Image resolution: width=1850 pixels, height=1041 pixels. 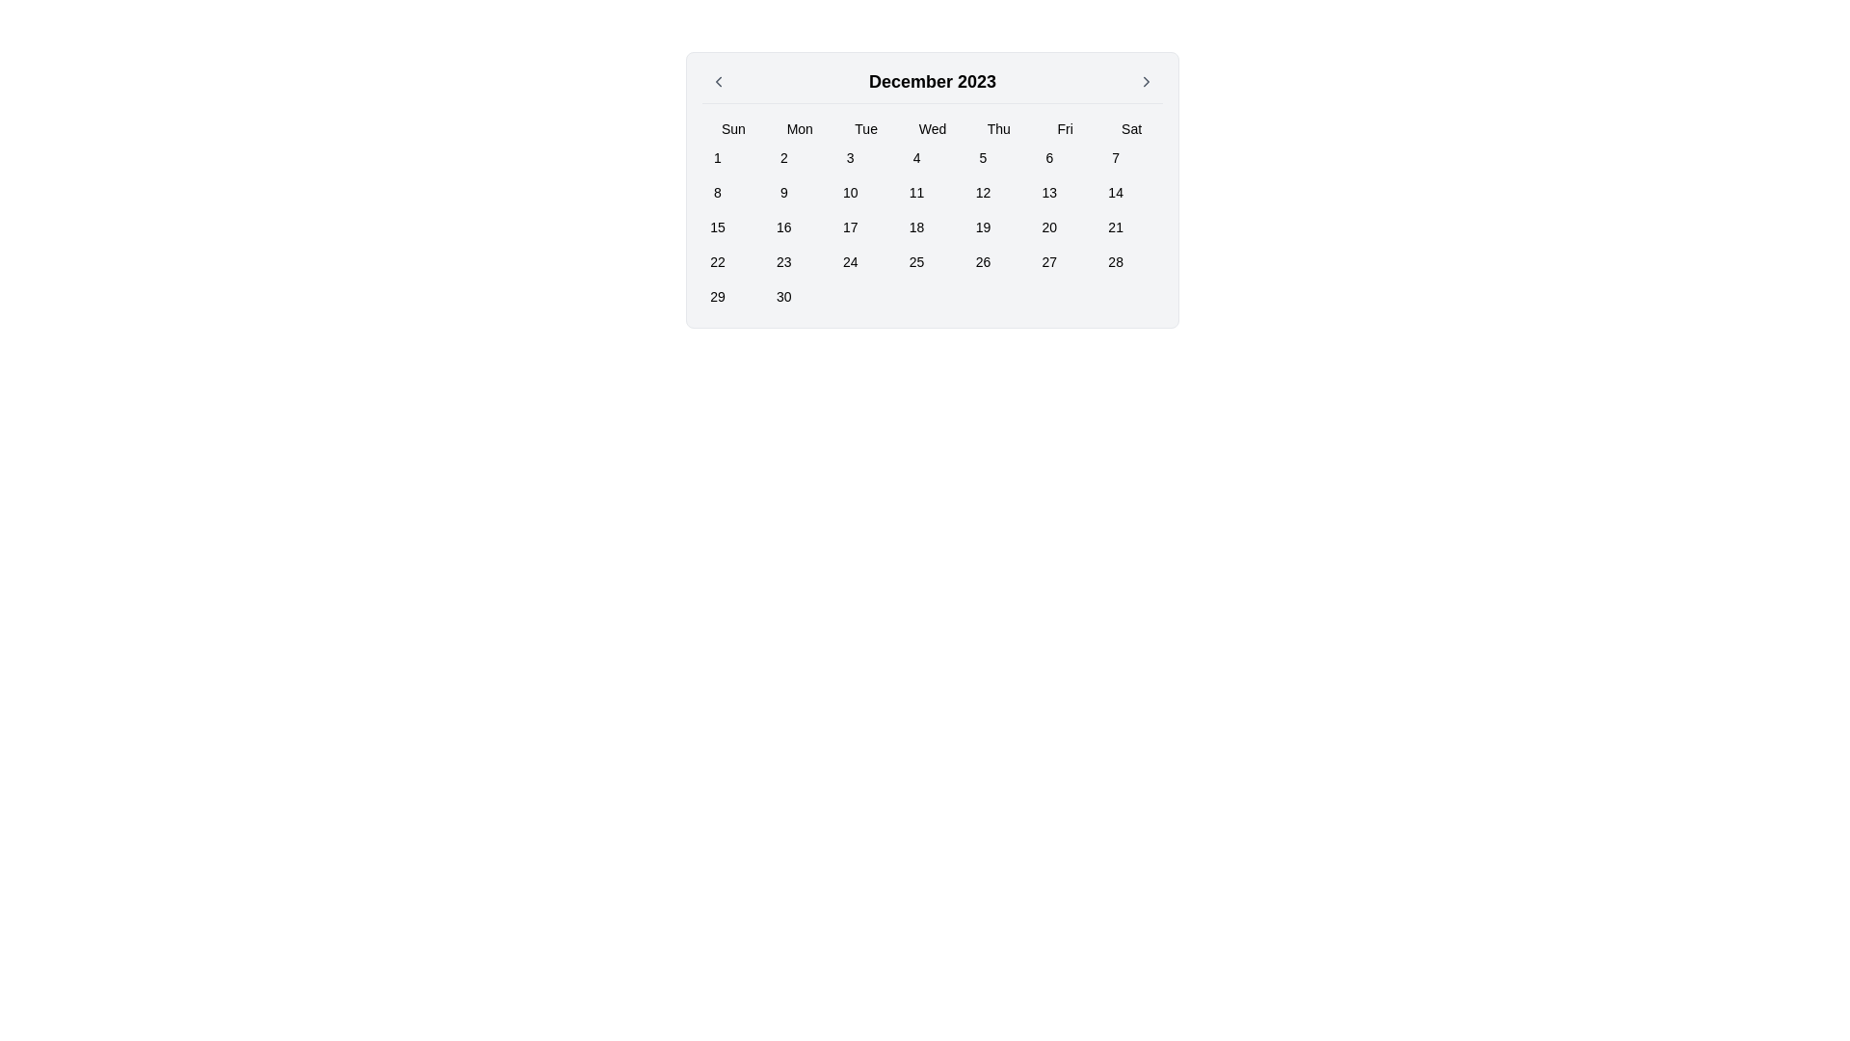 I want to click on the interactive calendar cell button representing the date '20', so click(x=1048, y=226).